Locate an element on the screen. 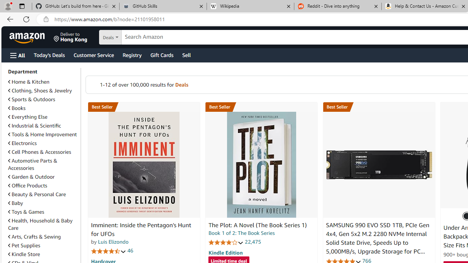  'Imminent: Inside the Pentagon' is located at coordinates (141, 229).